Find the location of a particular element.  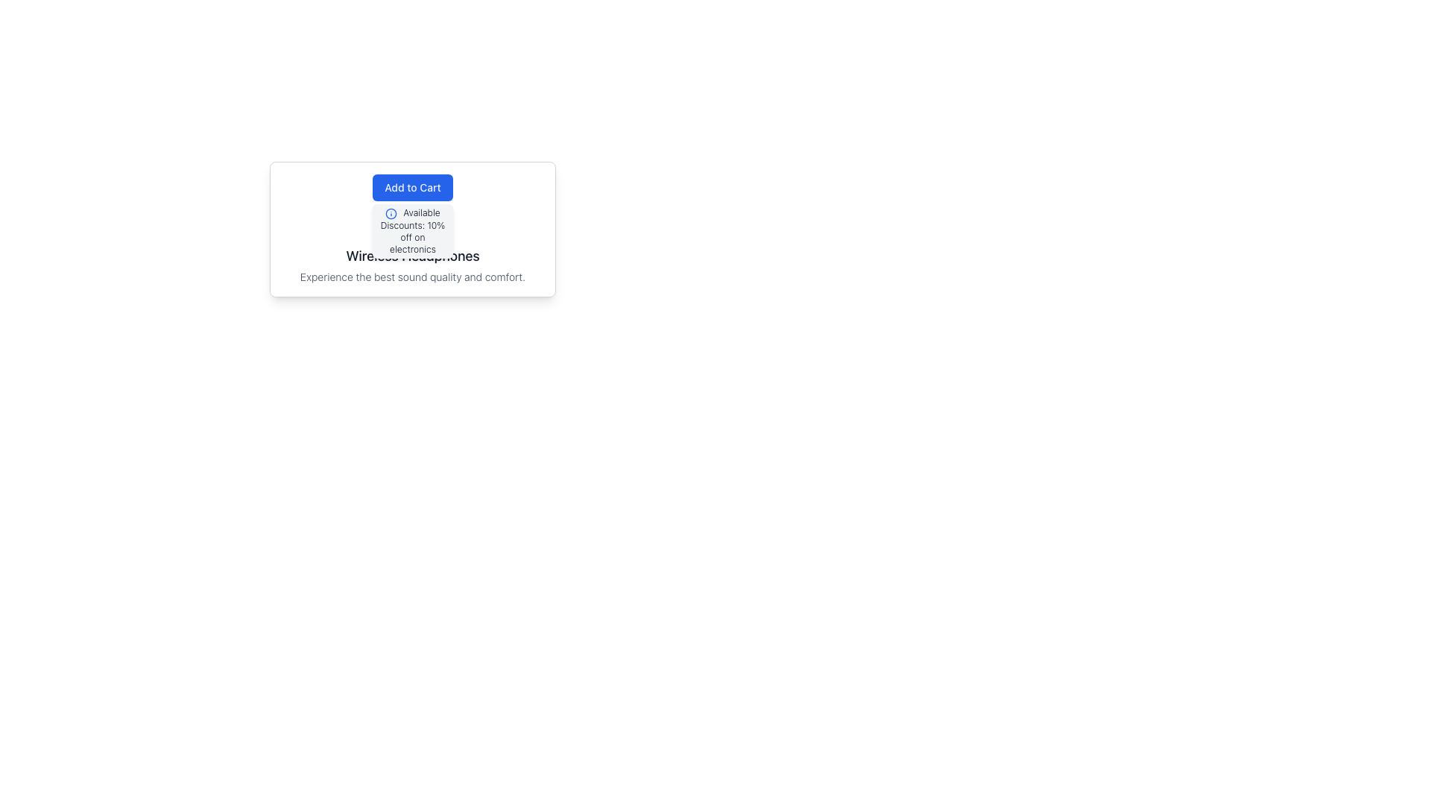

the 'Add to Cart' button with a blue background and white text is located at coordinates (412, 186).